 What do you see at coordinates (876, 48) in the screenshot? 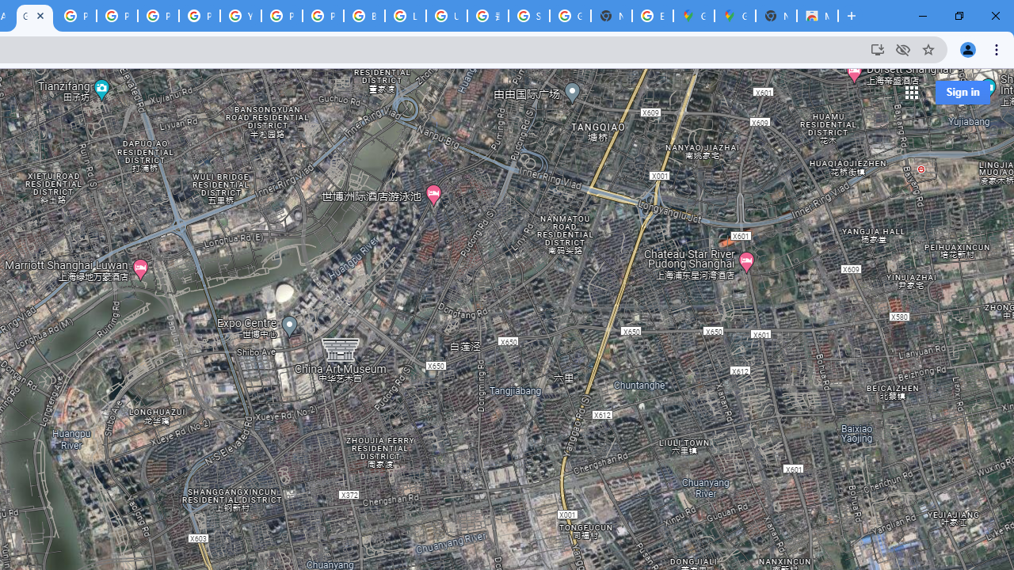
I see `'Install Google Maps'` at bounding box center [876, 48].